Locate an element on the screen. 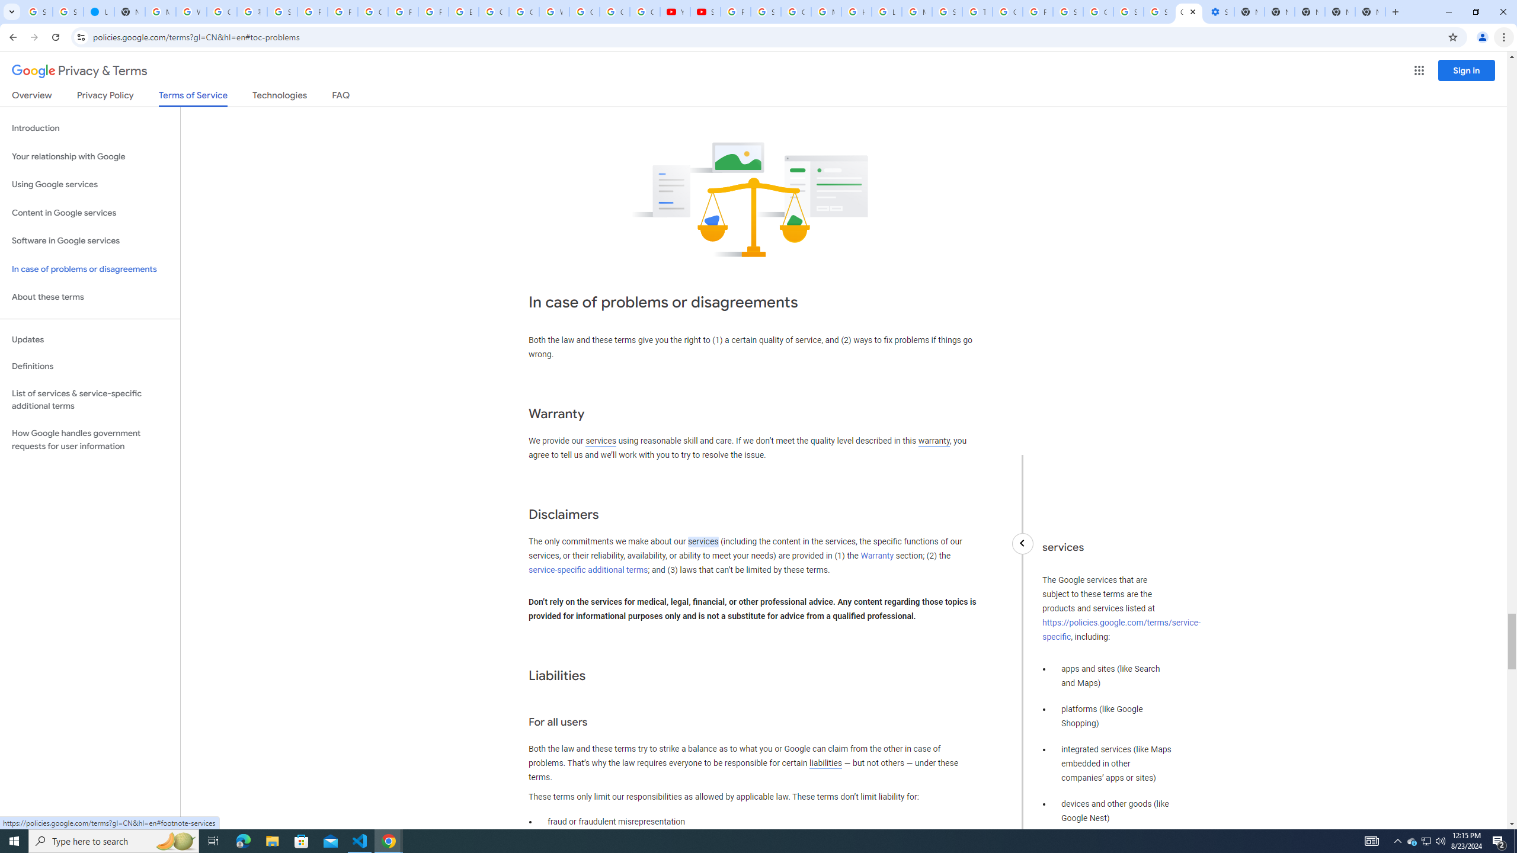 The height and width of the screenshot is (853, 1517). 'https://policies.google.com/terms/service-specific' is located at coordinates (1121, 629).